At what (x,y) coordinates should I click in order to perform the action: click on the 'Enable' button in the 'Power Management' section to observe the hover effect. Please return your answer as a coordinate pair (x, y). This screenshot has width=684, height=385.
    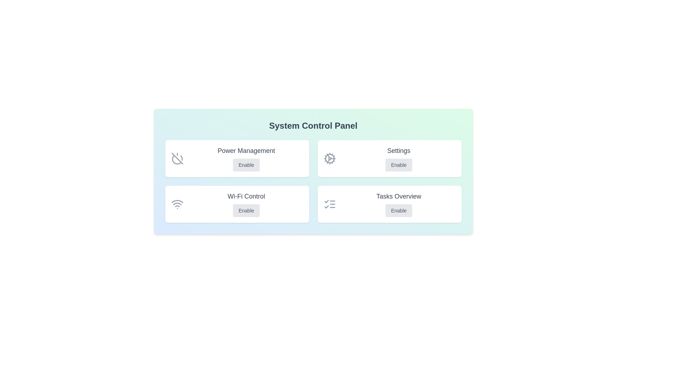
    Looking at the image, I should click on (246, 165).